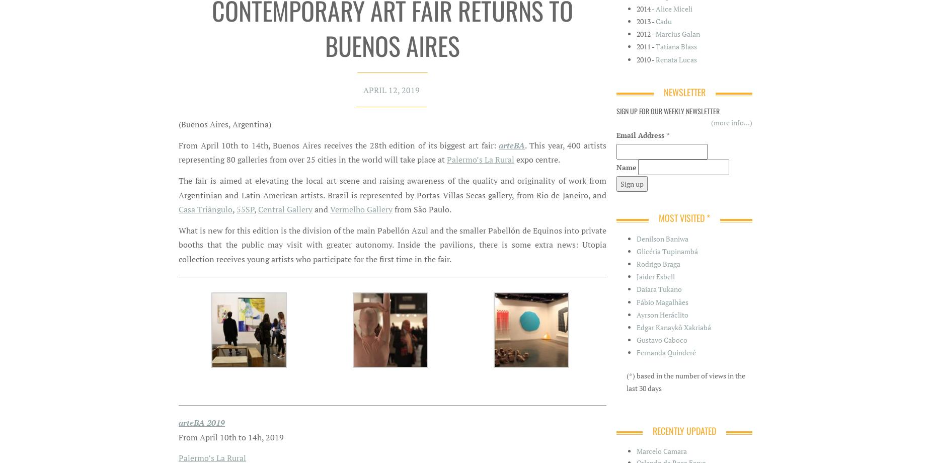 Image resolution: width=931 pixels, height=463 pixels. I want to click on 'Fábio Magalhães', so click(662, 301).